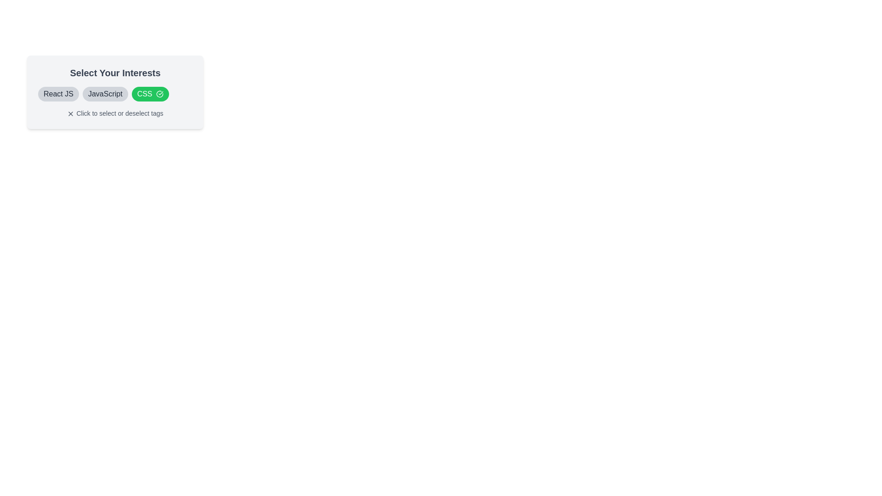 This screenshot has height=496, width=882. What do you see at coordinates (58, 94) in the screenshot?
I see `the first tag displaying 'React JS' located under 'Select Your Interests'` at bounding box center [58, 94].